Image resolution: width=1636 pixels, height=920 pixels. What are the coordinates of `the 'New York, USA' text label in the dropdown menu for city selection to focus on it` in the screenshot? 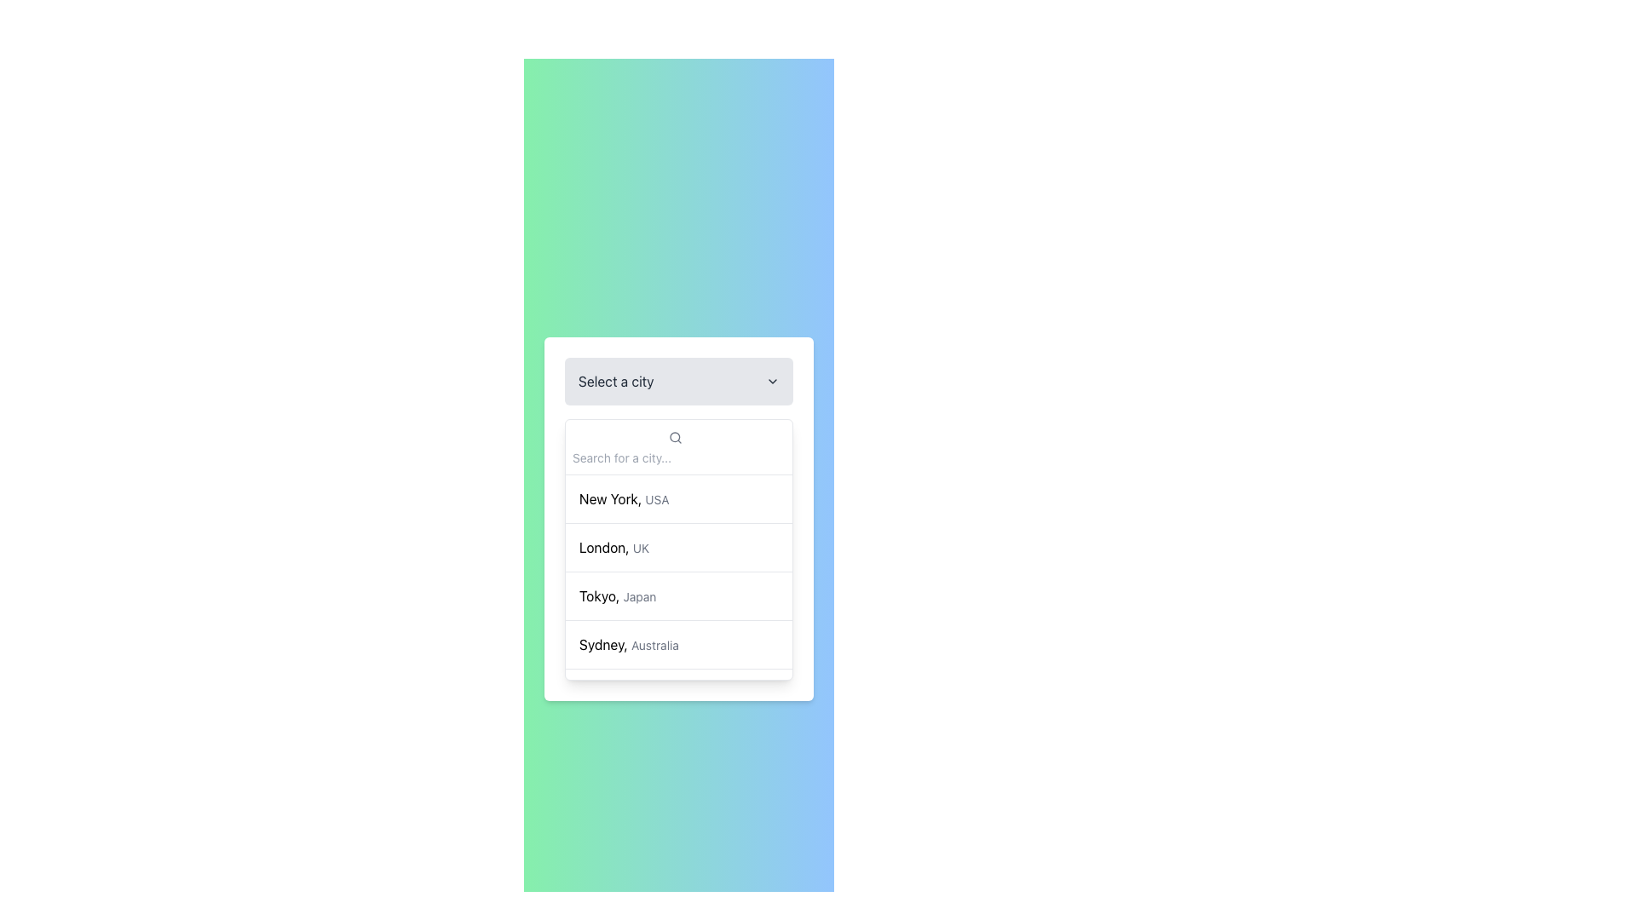 It's located at (623, 498).